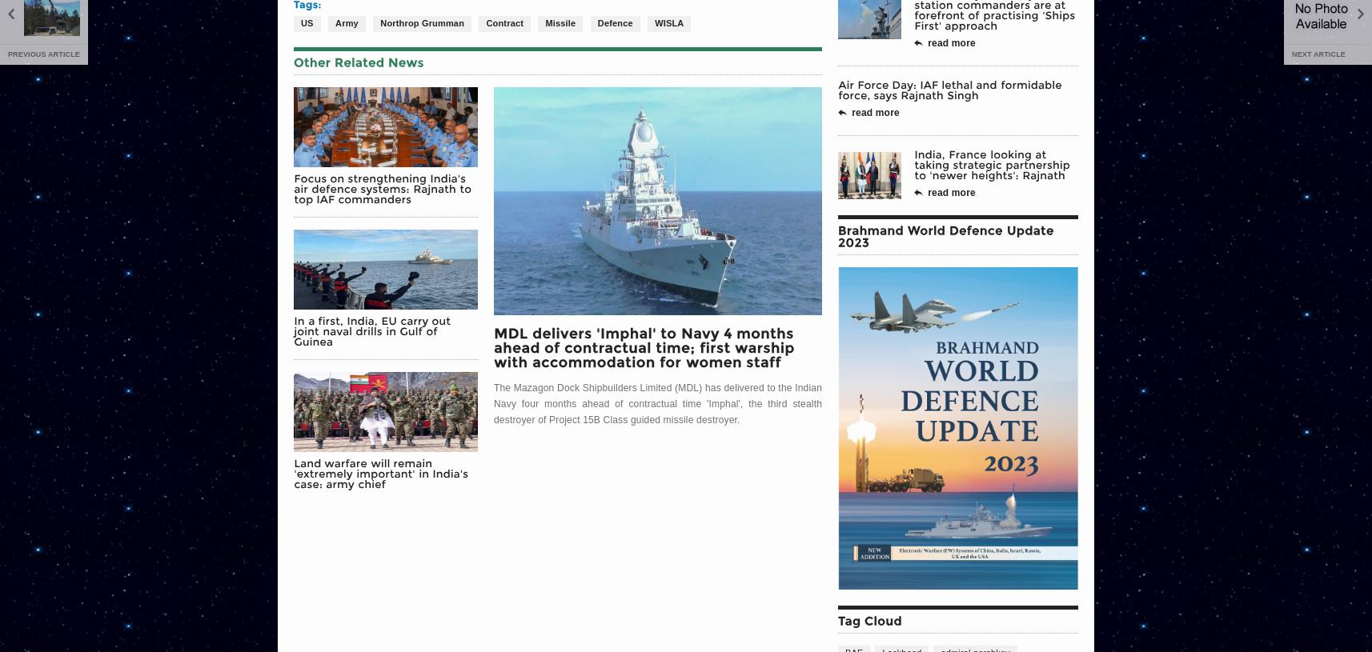 The width and height of the screenshot is (1372, 652). I want to click on 'Missile', so click(559, 22).